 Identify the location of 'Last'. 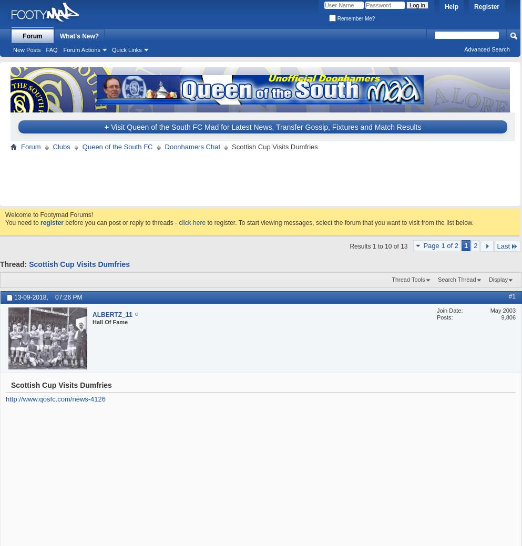
(503, 245).